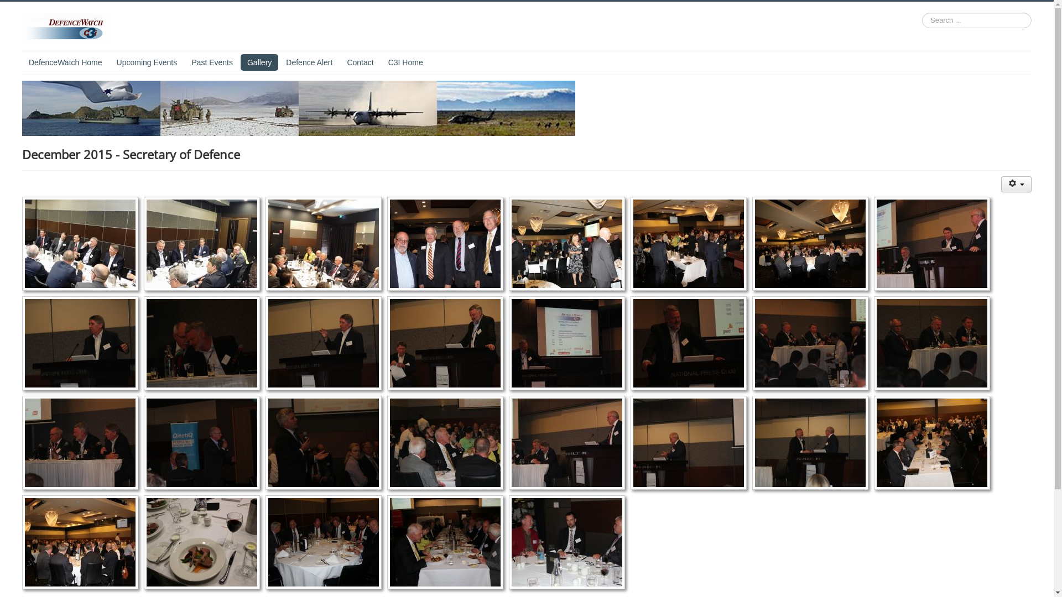  Describe the element at coordinates (339, 62) in the screenshot. I see `'Contact'` at that location.